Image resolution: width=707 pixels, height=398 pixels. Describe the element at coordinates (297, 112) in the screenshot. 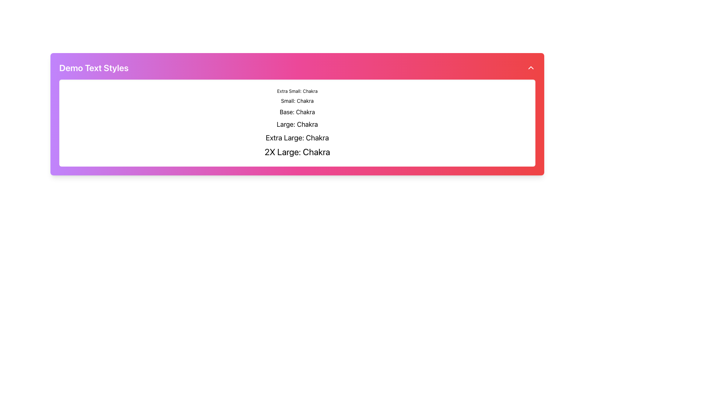

I see `static text label that displays 'Base: Chakra', which is the third item under the header 'Demo Text Styles'` at that location.